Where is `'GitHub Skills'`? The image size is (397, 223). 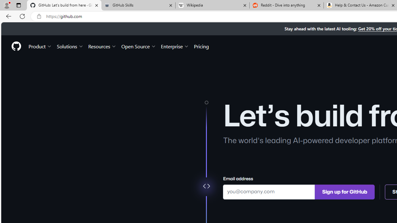 'GitHub Skills' is located at coordinates (138, 5).